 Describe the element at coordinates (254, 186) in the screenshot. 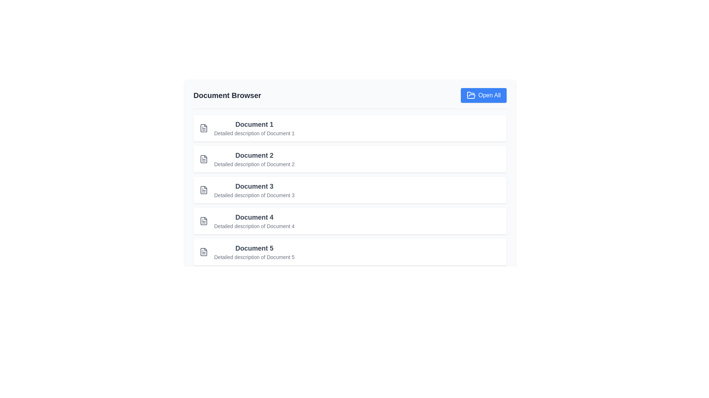

I see `the text label that serves as the title for the document, positioned as the heading of the third card in a vertical list of similar cards` at that location.